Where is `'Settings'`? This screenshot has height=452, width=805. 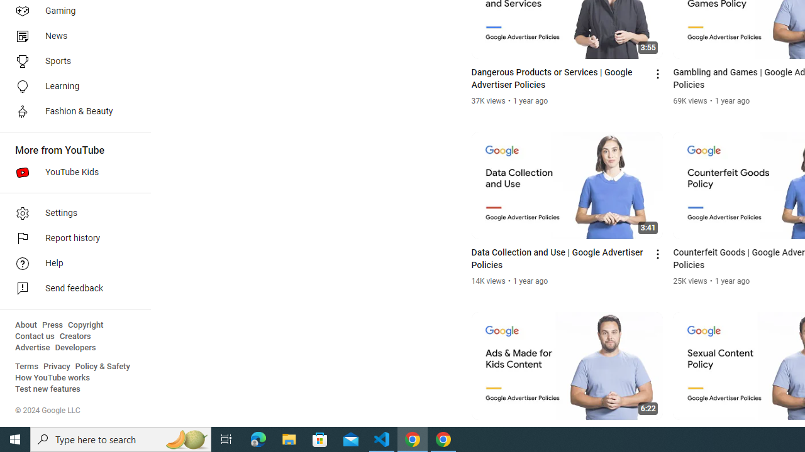
'Settings' is located at coordinates (70, 212).